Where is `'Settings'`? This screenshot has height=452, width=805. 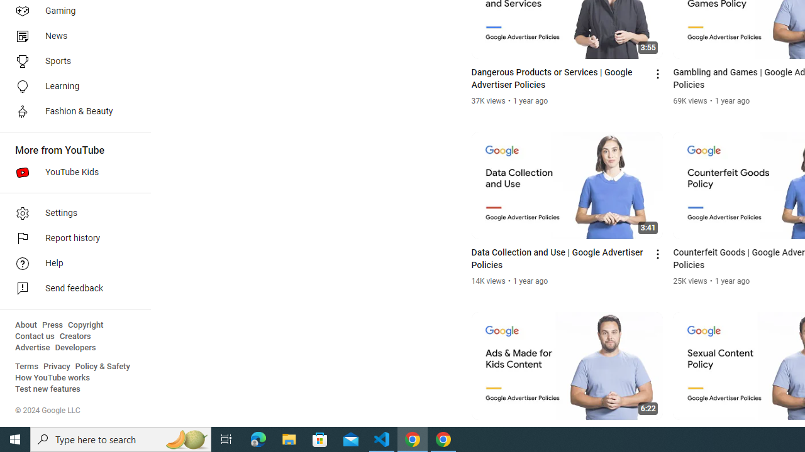
'Settings' is located at coordinates (70, 212).